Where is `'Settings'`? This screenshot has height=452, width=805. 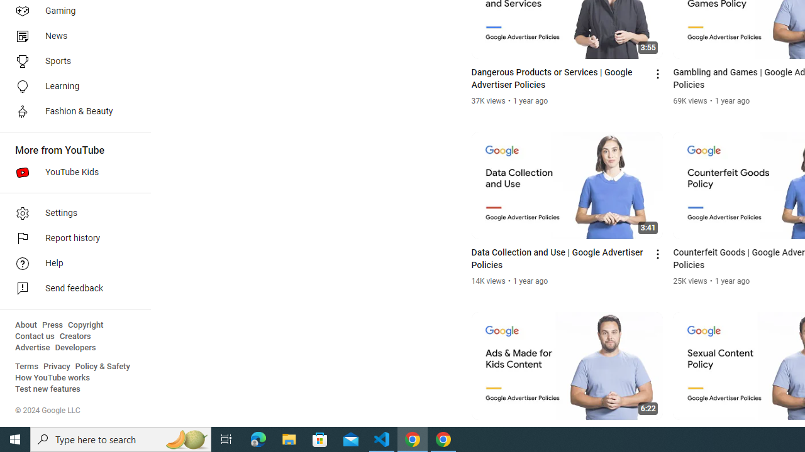
'Settings' is located at coordinates (70, 212).